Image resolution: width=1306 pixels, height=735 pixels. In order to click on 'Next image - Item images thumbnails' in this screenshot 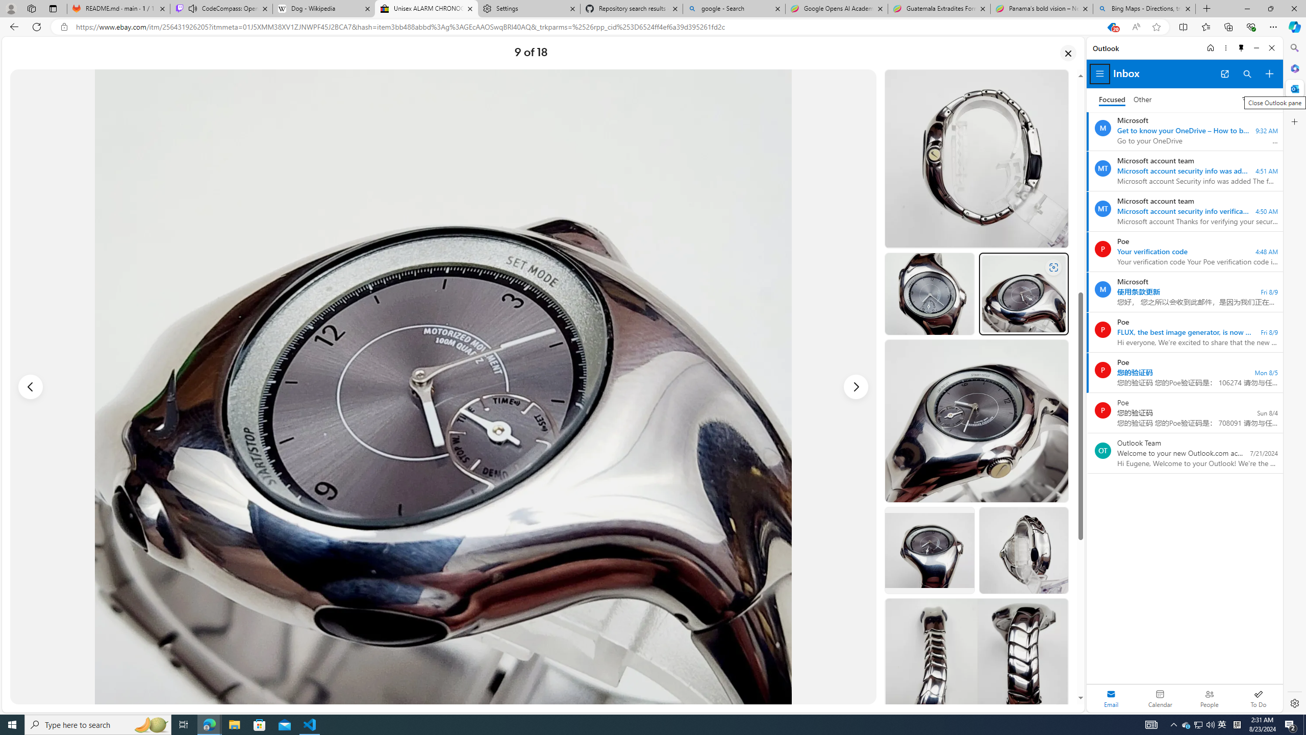, I will do `click(856, 387)`.